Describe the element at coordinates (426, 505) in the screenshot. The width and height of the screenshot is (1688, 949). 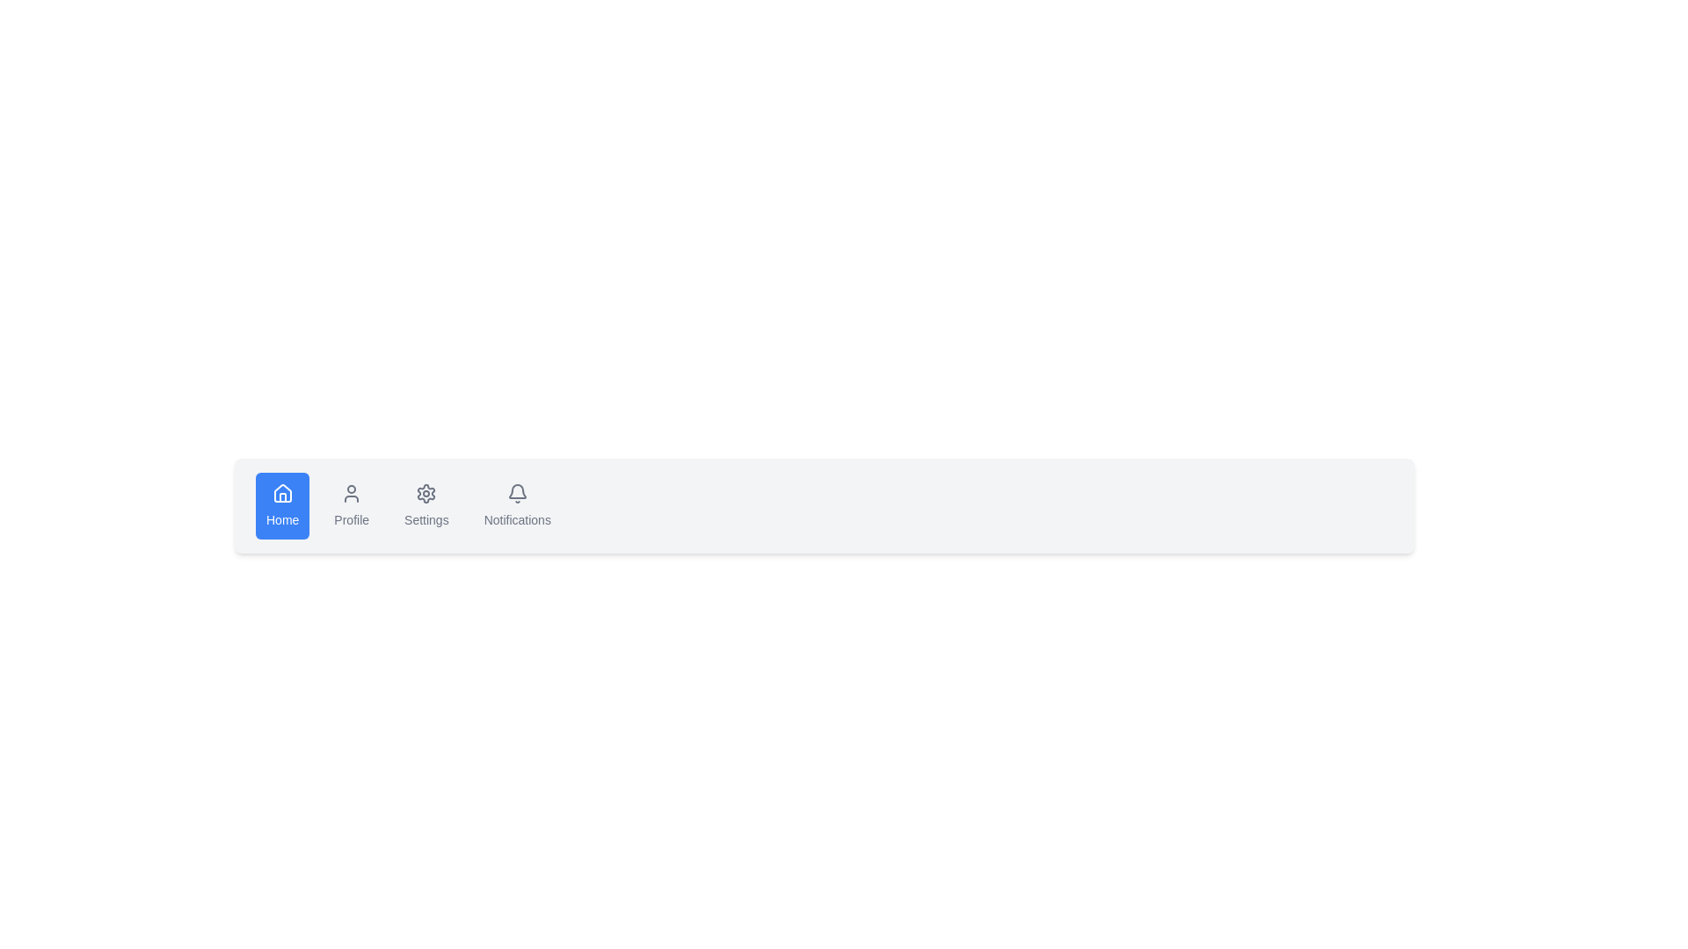
I see `the settings button located in the horizontal menu bar, which is the third item between 'Profile' and 'Notifications'` at that location.